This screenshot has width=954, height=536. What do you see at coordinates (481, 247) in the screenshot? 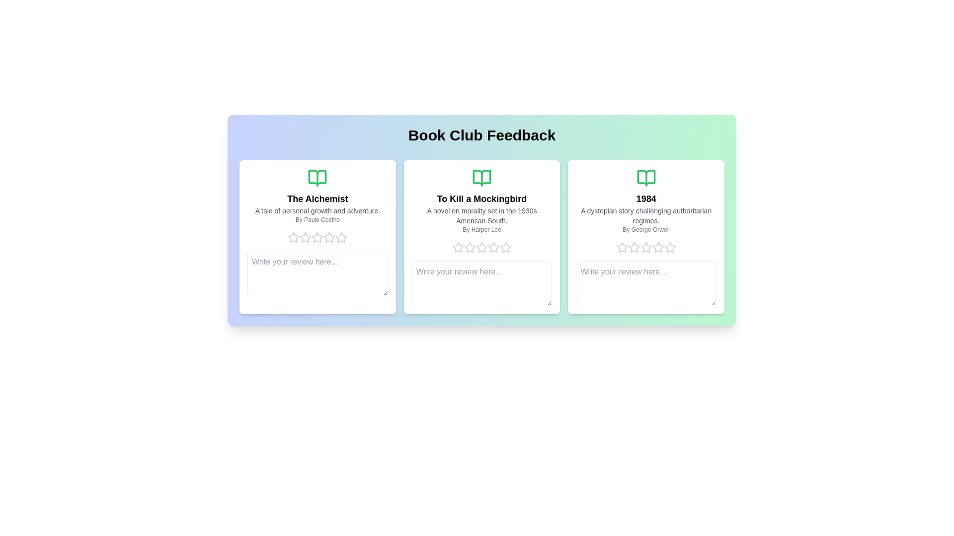
I see `the second star in the star-shaped rating icon to rate 'To Kill a Mockingbird' with 2 stars` at bounding box center [481, 247].